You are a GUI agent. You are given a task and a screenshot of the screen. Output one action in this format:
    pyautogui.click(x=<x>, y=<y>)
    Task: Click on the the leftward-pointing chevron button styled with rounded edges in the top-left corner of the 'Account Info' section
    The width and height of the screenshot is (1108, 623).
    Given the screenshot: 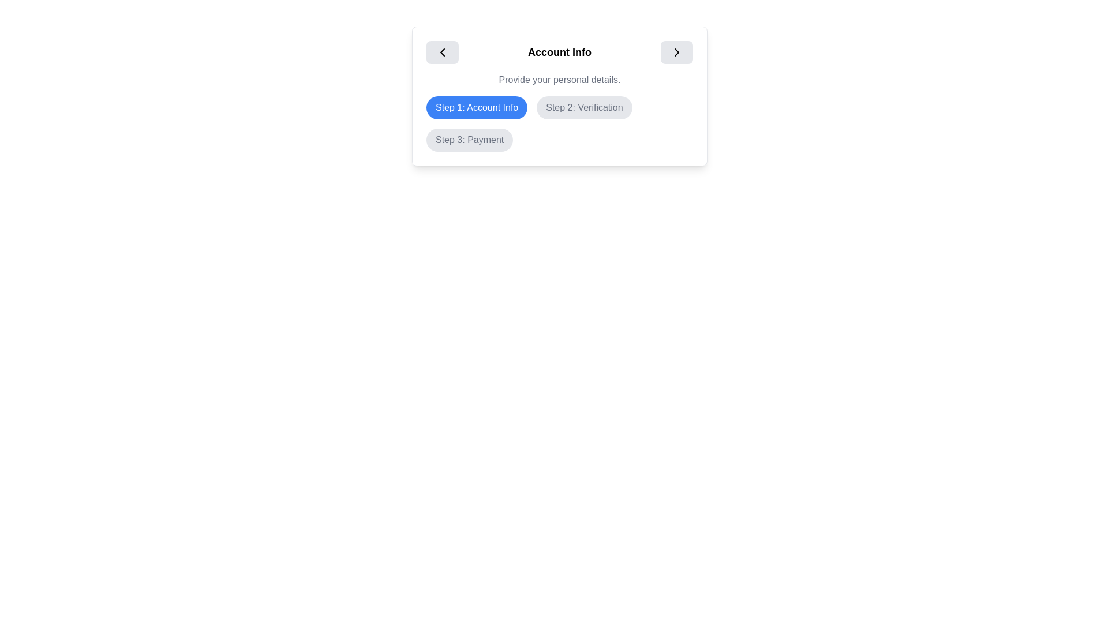 What is the action you would take?
    pyautogui.click(x=442, y=52)
    